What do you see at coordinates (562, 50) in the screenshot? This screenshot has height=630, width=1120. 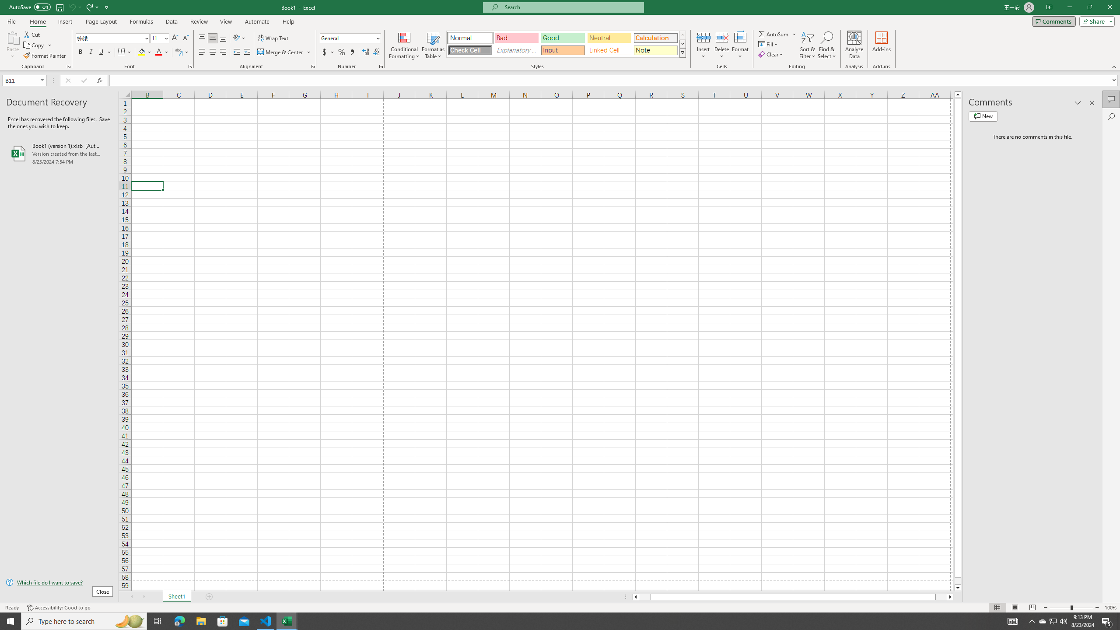 I see `'Input'` at bounding box center [562, 50].